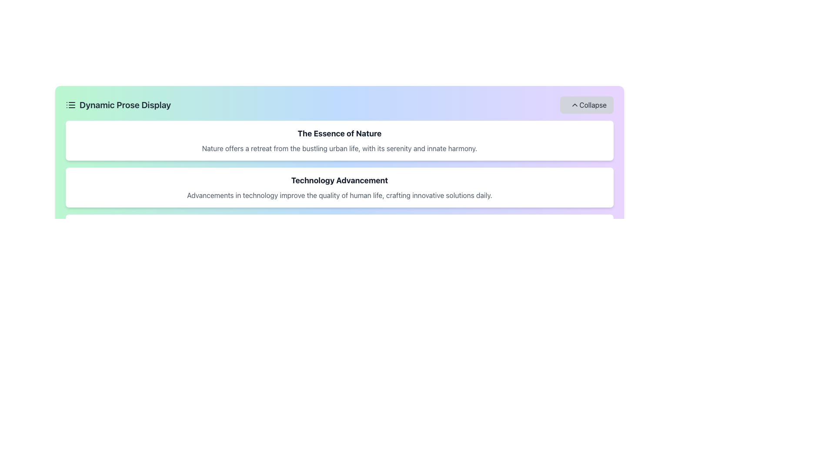 This screenshot has width=835, height=469. Describe the element at coordinates (71, 105) in the screenshot. I see `the bulleted list icon located to the left of the text 'Dynamic Prose Display' in the header section` at that location.